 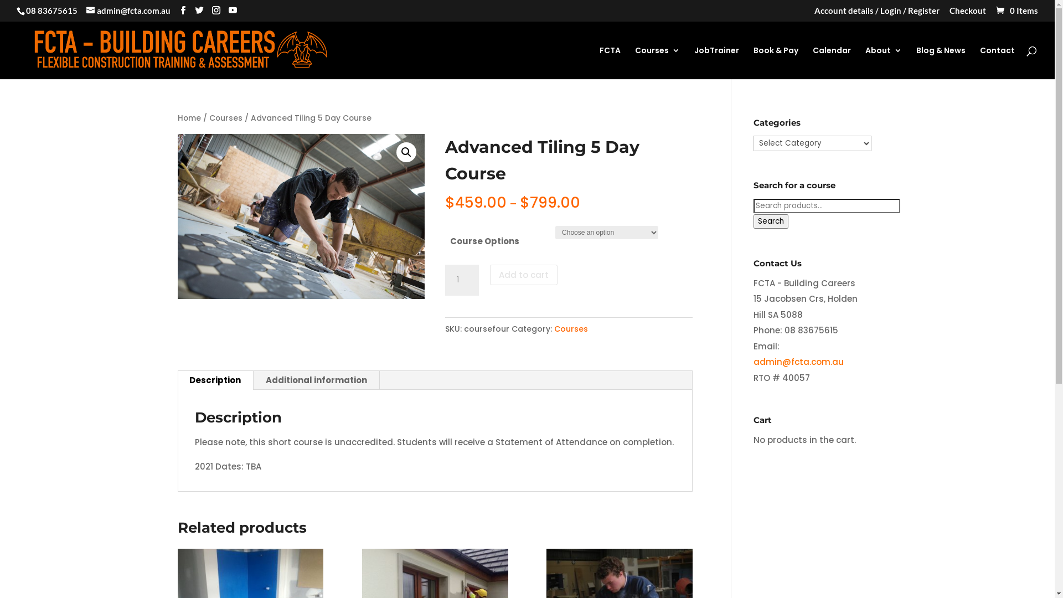 What do you see at coordinates (967, 13) in the screenshot?
I see `'Checkout'` at bounding box center [967, 13].